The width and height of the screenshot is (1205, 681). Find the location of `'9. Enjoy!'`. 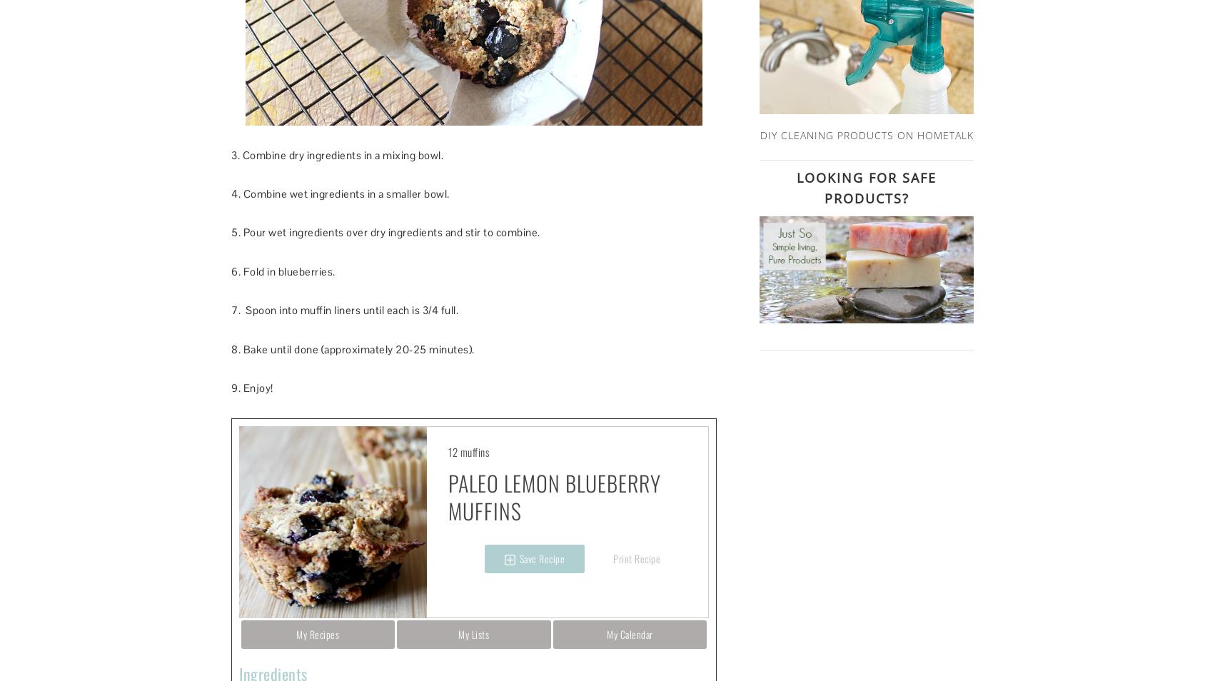

'9. Enjoy!' is located at coordinates (251, 386).